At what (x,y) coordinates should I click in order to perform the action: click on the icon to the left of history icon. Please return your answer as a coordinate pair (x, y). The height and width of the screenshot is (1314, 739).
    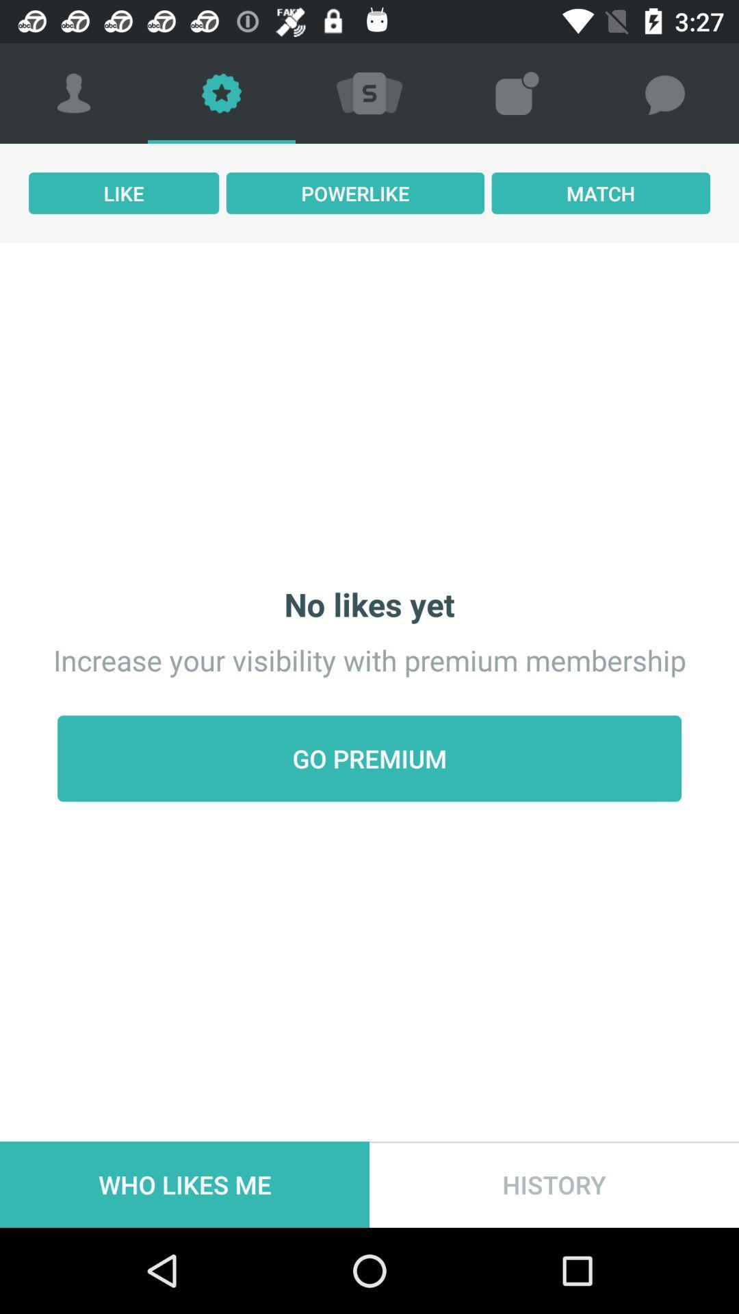
    Looking at the image, I should click on (185, 1184).